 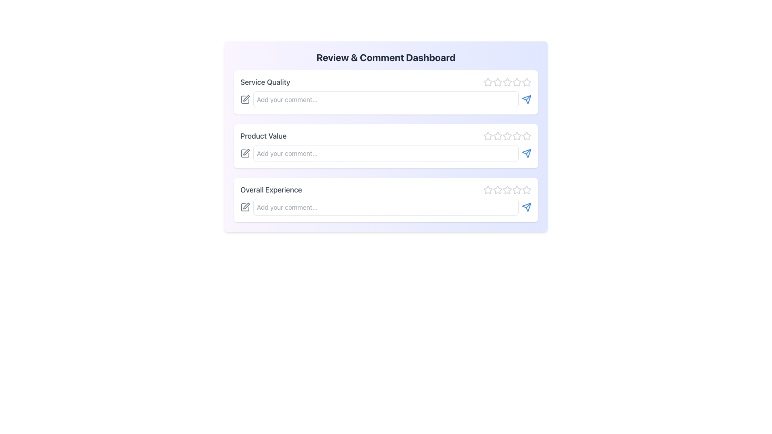 I want to click on the small gray pencil icon representing the edit action, located next to the 'Service Quality' label, so click(x=244, y=99).